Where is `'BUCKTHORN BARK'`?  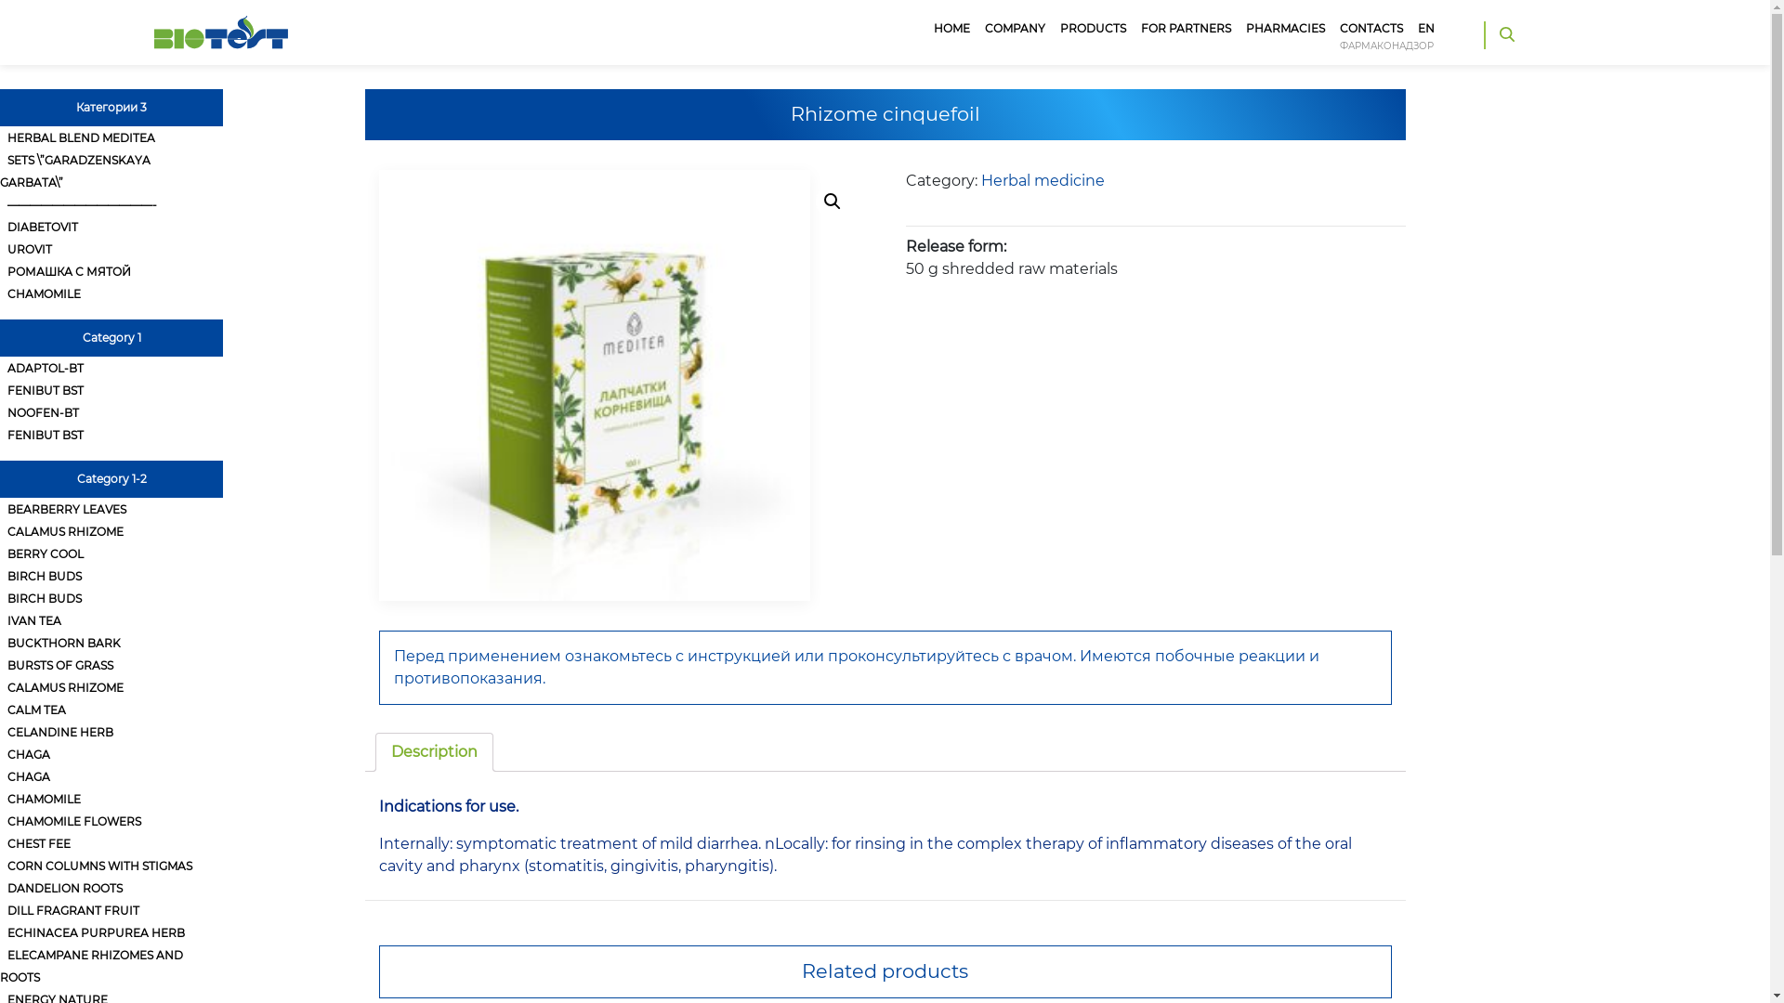 'BUCKTHORN BARK' is located at coordinates (0, 642).